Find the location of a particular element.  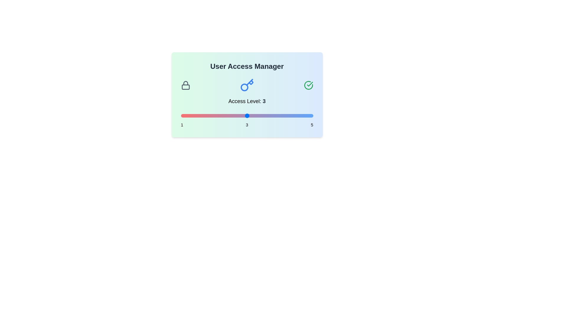

the access level slider to 2 is located at coordinates (214, 116).